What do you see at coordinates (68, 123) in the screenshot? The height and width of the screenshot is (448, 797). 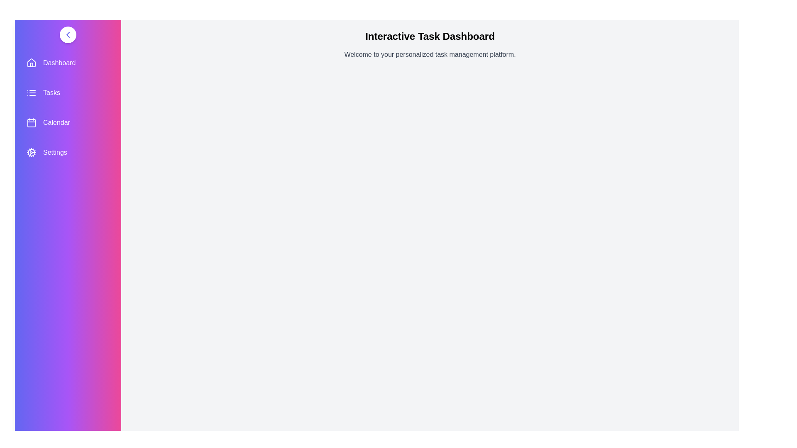 I see `the menu item labeled Calendar to navigate to its section` at bounding box center [68, 123].